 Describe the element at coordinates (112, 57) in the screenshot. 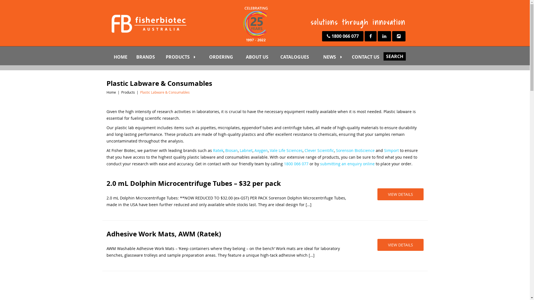

I see `'HOME'` at that location.